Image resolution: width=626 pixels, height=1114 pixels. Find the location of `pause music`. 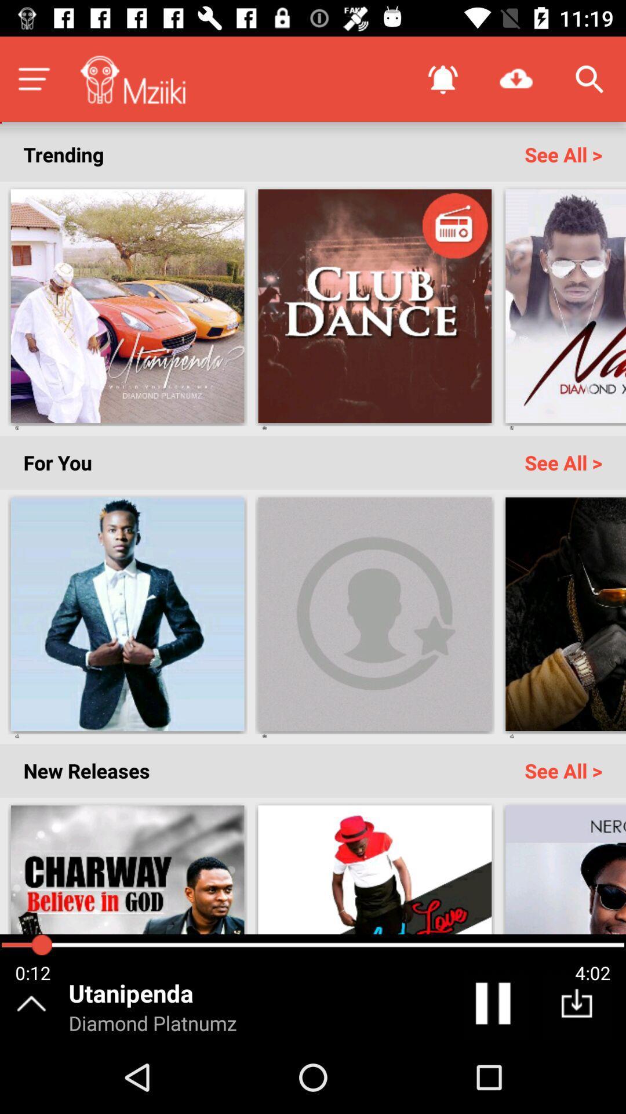

pause music is located at coordinates (495, 1006).